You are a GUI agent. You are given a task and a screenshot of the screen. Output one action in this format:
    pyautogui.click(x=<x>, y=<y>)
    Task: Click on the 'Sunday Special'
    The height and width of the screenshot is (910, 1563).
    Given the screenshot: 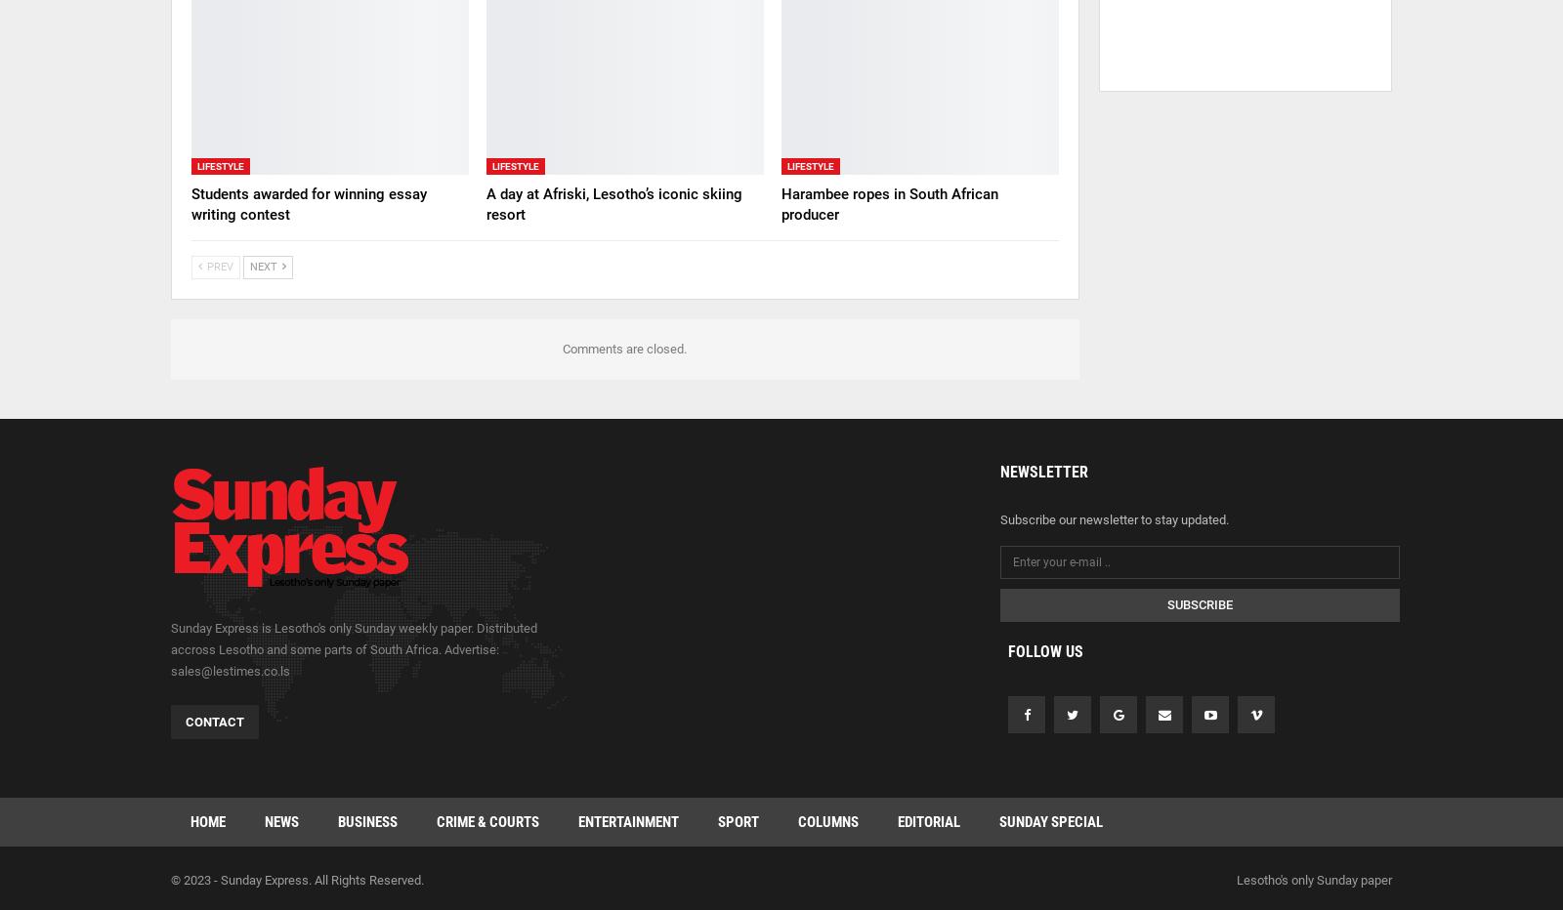 What is the action you would take?
    pyautogui.click(x=1051, y=820)
    